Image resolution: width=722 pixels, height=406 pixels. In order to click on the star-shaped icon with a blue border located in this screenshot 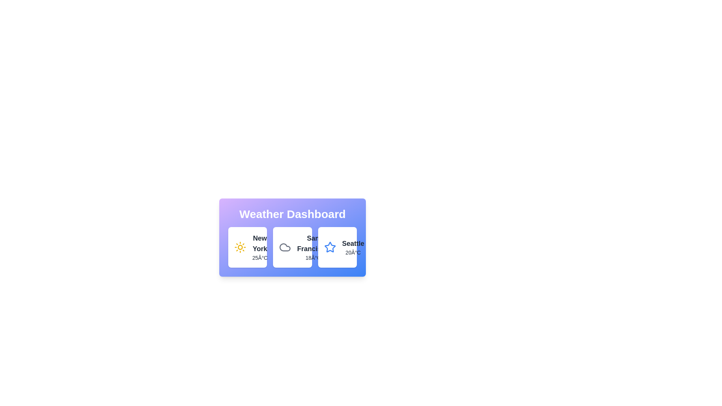, I will do `click(330, 247)`.